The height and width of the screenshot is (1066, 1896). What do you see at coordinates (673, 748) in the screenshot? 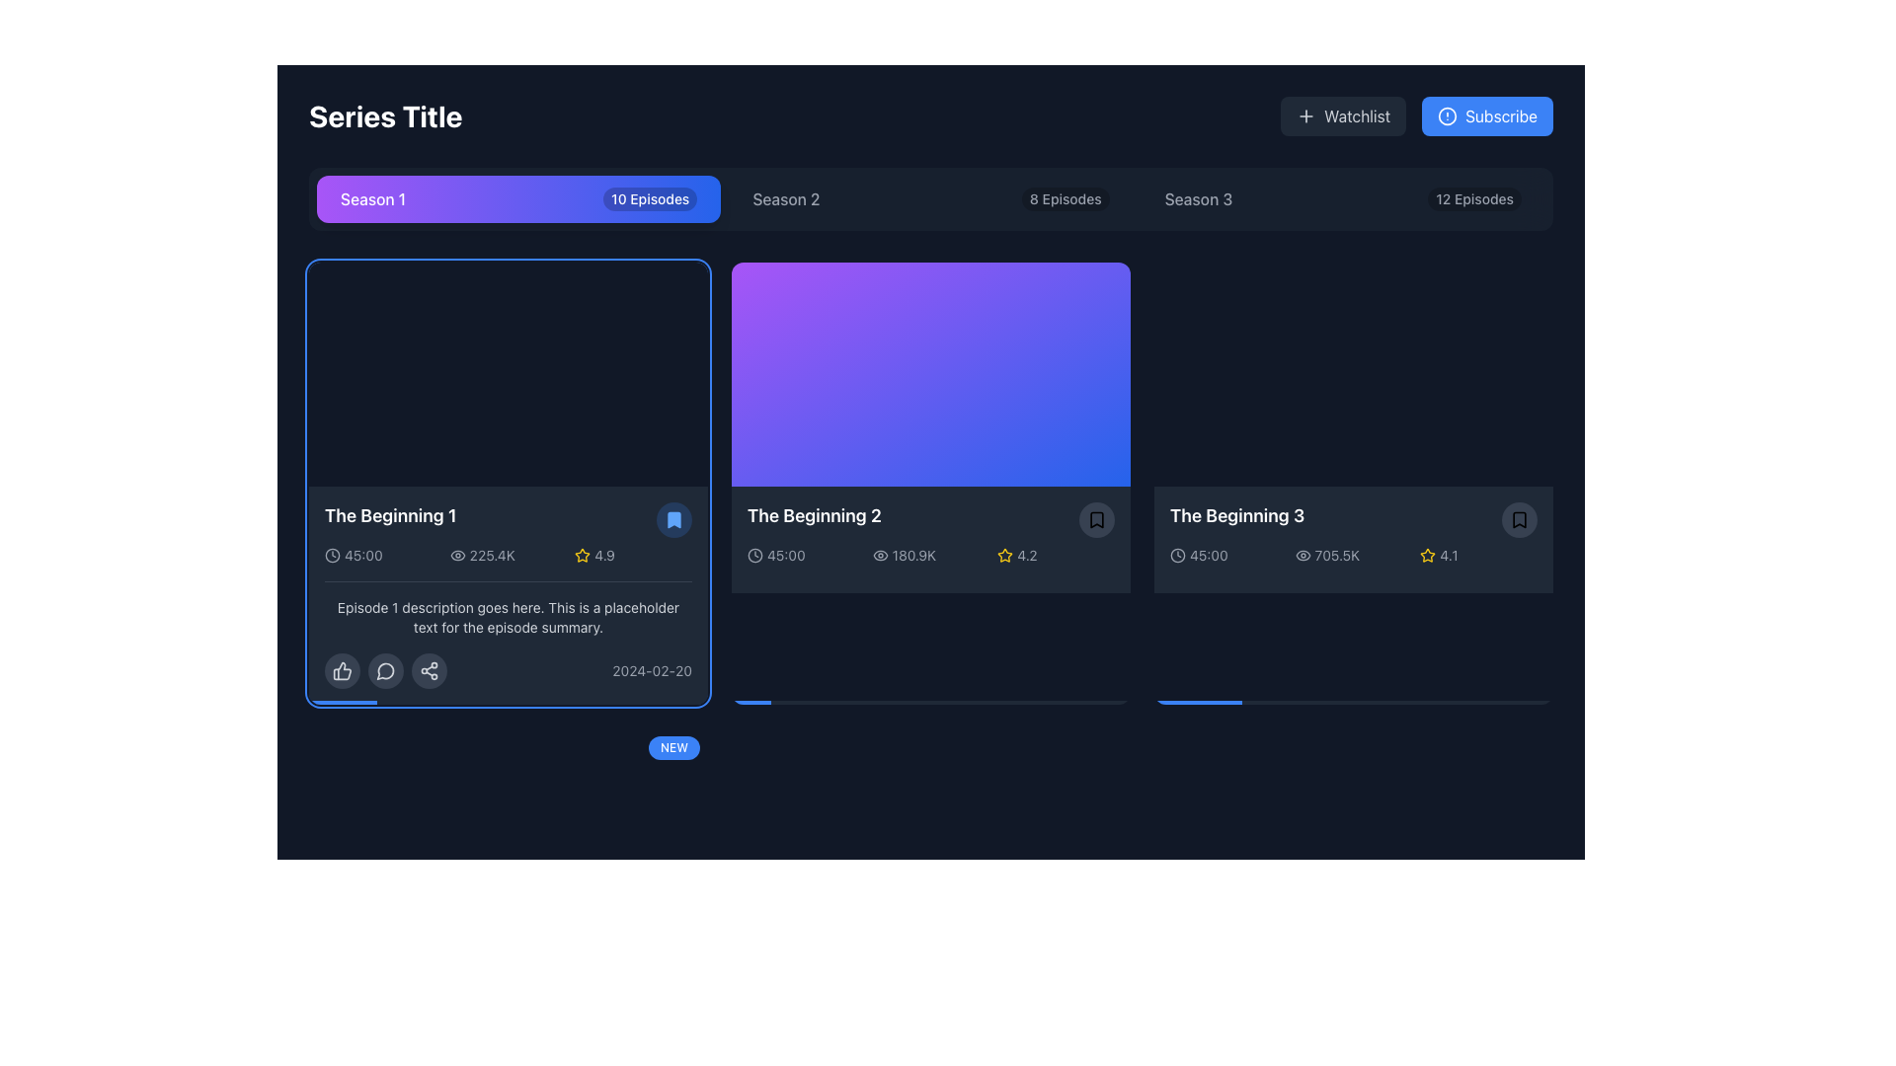
I see `the small blue pill-shaped button labeled 'NEW' located in the top-right corner of the card displaying series or episode information` at bounding box center [673, 748].